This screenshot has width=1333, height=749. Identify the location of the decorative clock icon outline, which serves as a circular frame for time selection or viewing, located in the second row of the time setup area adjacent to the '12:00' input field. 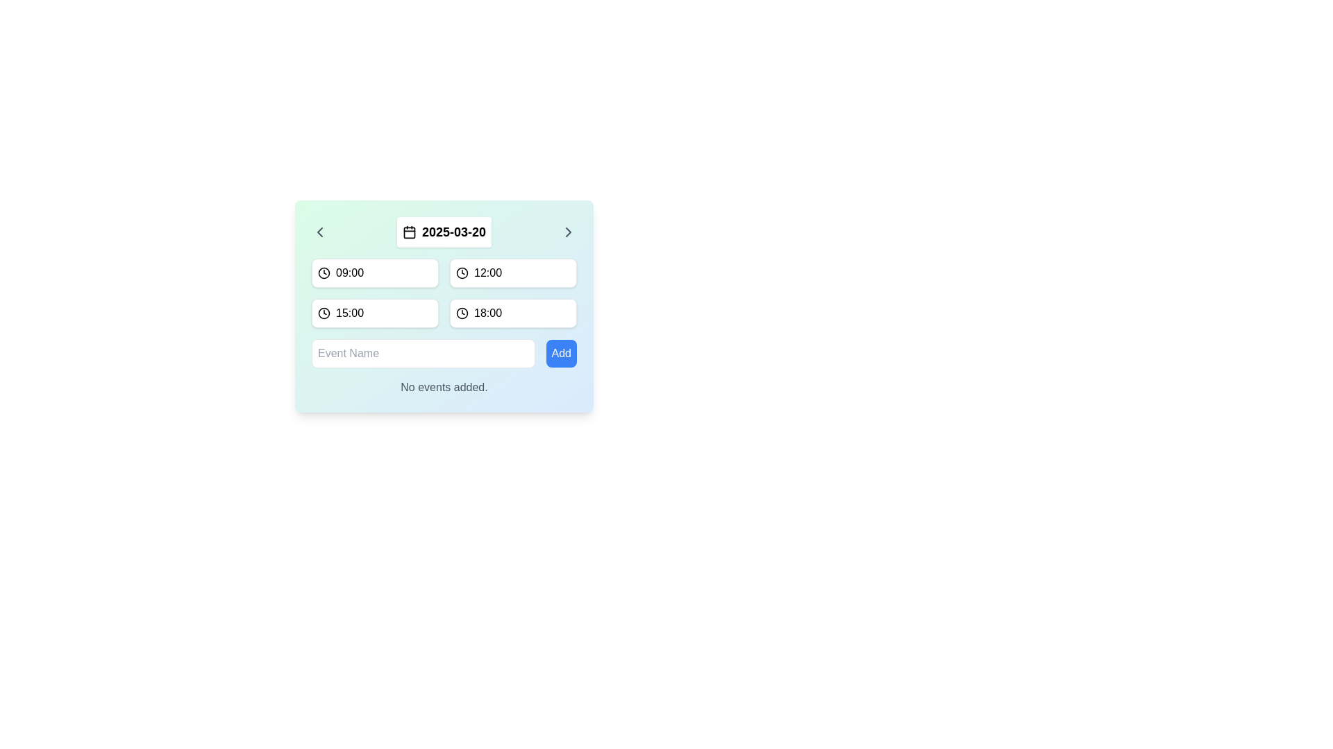
(462, 273).